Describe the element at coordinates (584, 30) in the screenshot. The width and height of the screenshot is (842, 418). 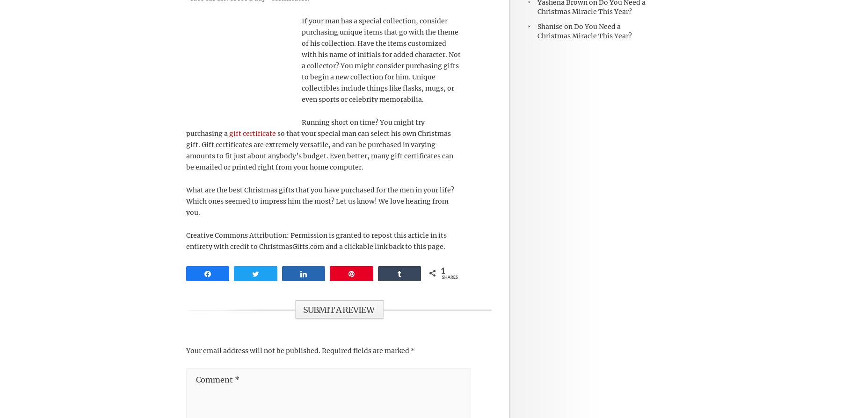
I see `'Do You Need a Christmas Miracle This Year?'` at that location.